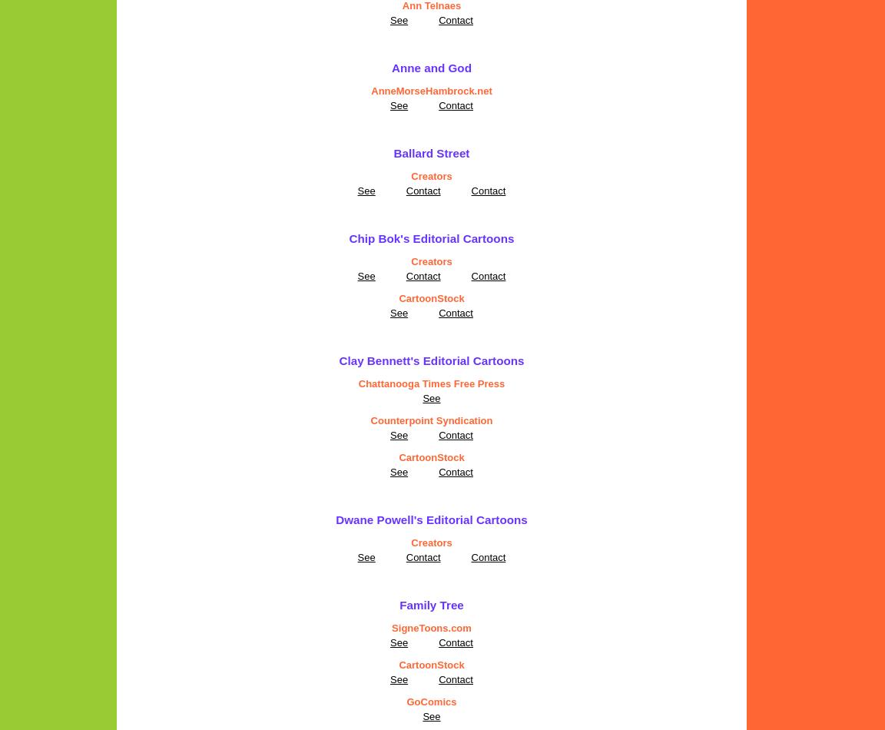  I want to click on 'Clay Bennett's Editorial Cartoons', so click(431, 360).